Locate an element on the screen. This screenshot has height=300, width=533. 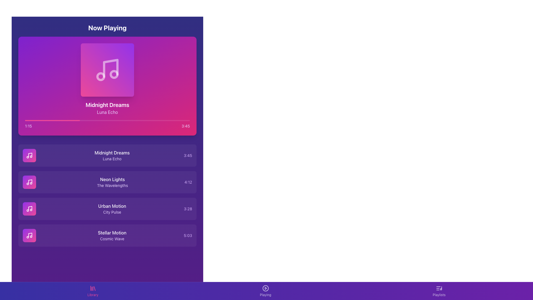
text label that serves as the title of the currently playing track, positioned centrally beneath a musical note icon and above a progress bar is located at coordinates (107, 105).